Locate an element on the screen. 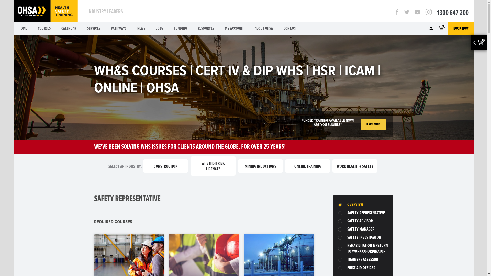 The height and width of the screenshot is (276, 491). 'CALENDAR' is located at coordinates (69, 28).